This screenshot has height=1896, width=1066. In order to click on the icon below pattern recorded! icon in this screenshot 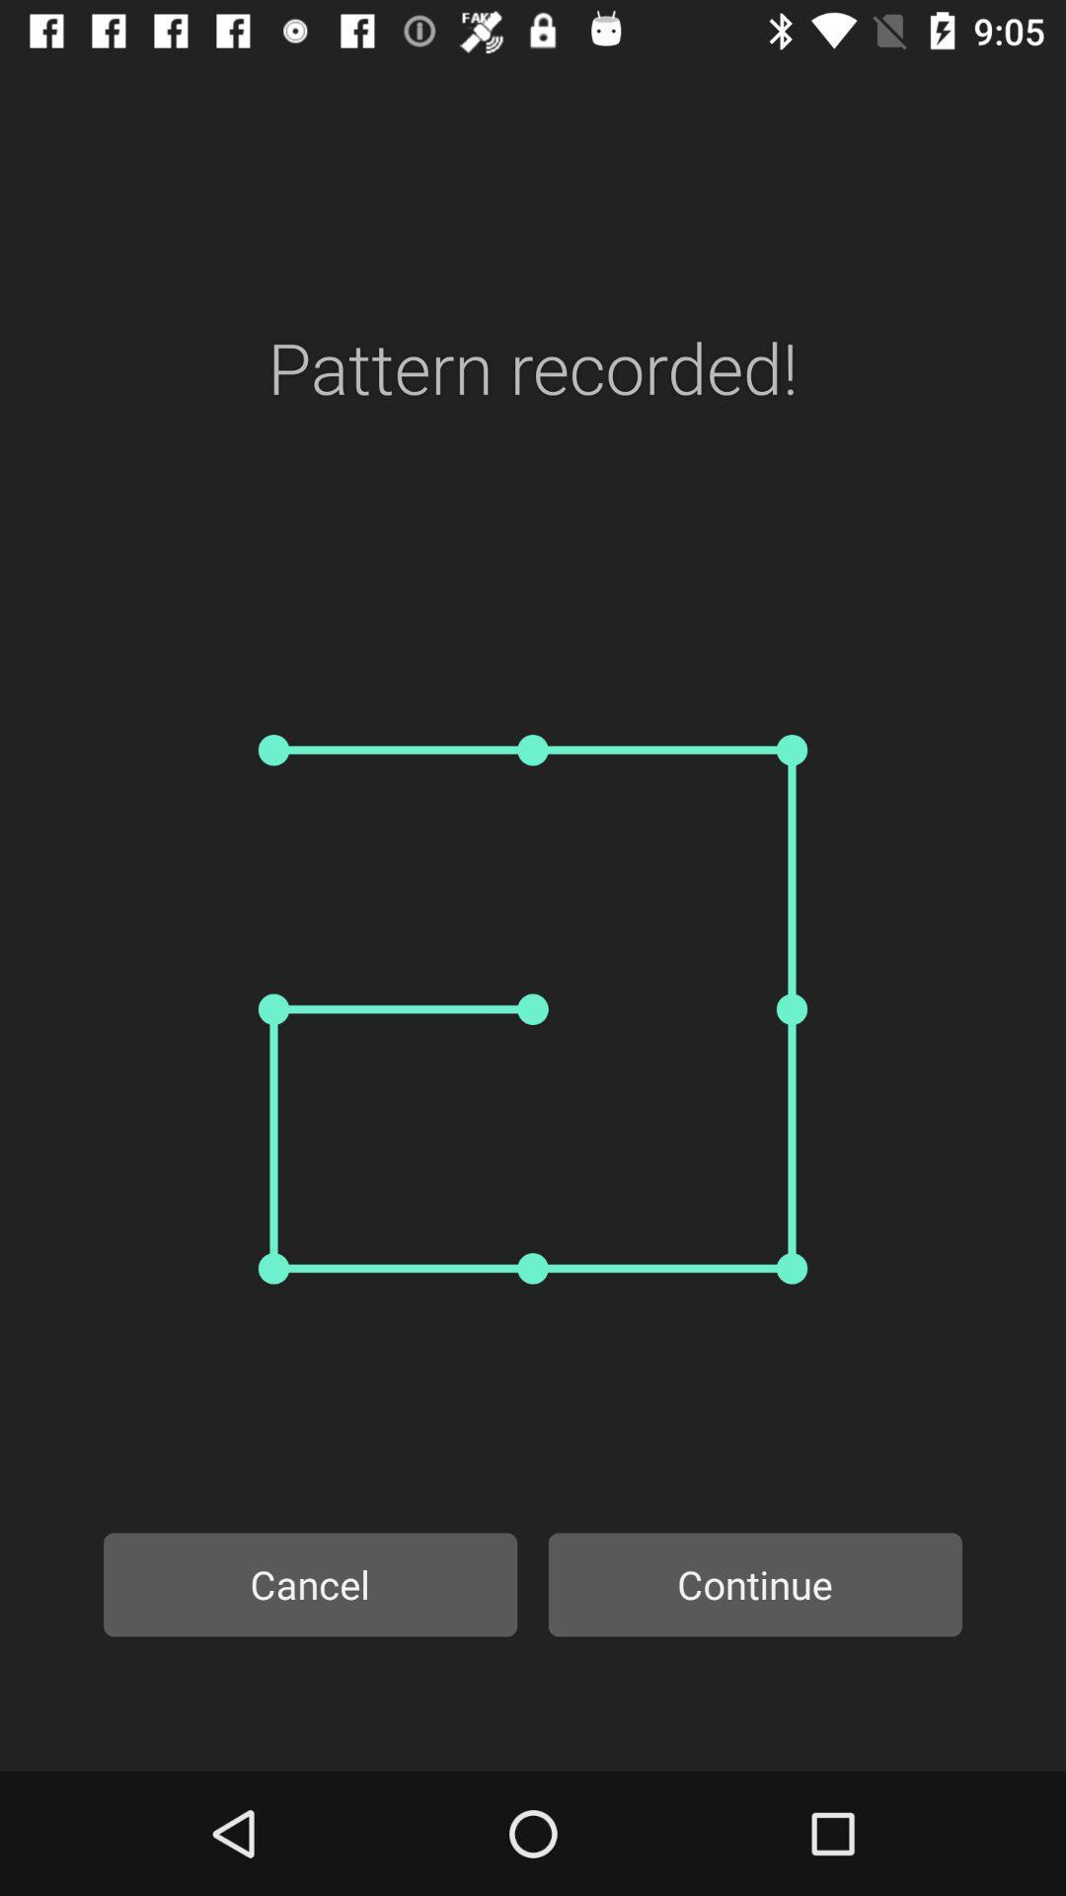, I will do `click(533, 1009)`.